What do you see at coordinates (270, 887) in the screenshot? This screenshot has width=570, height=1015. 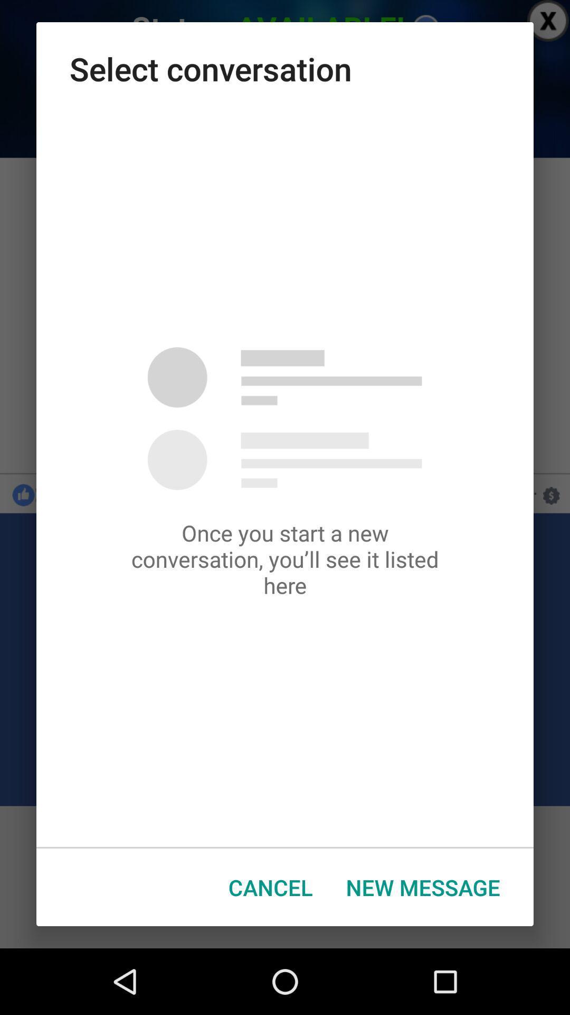 I see `item next to new message item` at bounding box center [270, 887].